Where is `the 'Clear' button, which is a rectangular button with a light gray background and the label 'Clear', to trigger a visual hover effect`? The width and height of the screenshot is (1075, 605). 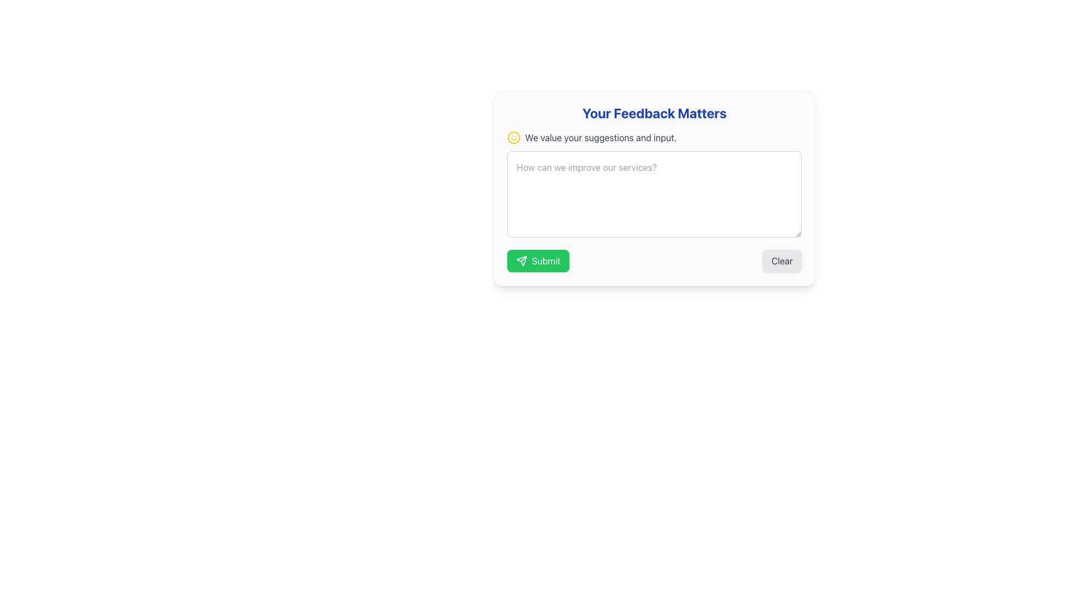
the 'Clear' button, which is a rectangular button with a light gray background and the label 'Clear', to trigger a visual hover effect is located at coordinates (781, 261).